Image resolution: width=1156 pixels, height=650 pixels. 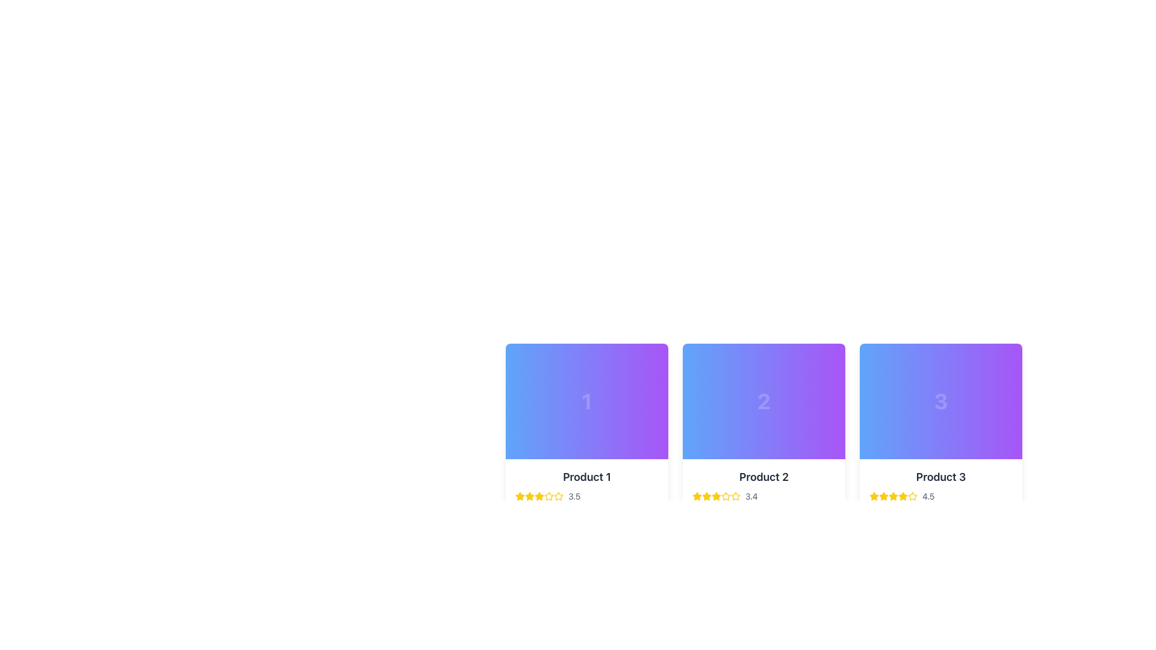 What do you see at coordinates (707, 497) in the screenshot?
I see `the second star-shaped icon with a yellow fill and black outline to interact with it, located beneath the 'Product 2' card in the product grid` at bounding box center [707, 497].